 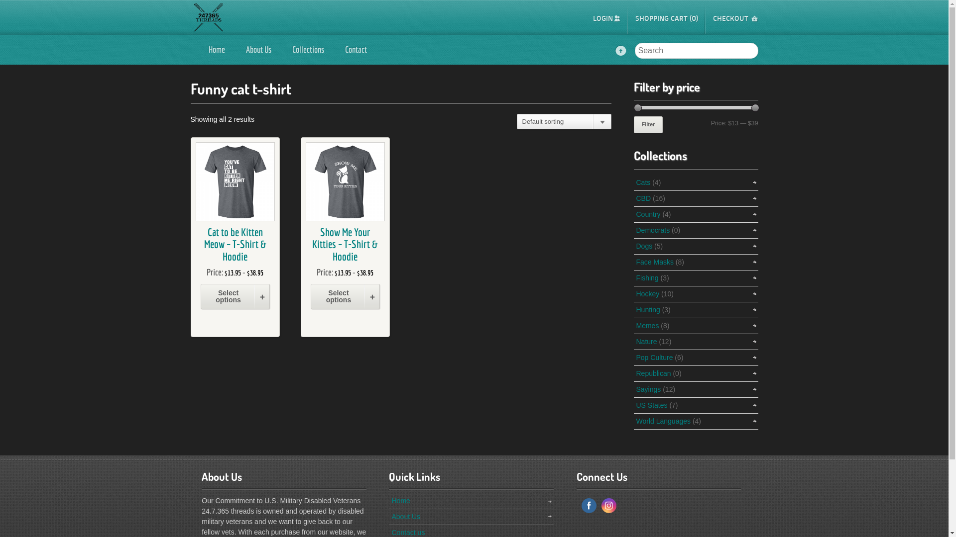 I want to click on 'Select options', so click(x=234, y=296).